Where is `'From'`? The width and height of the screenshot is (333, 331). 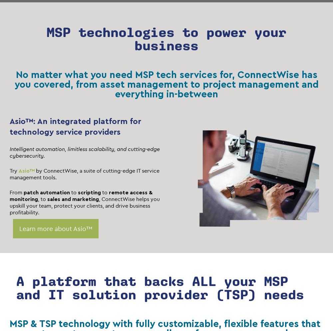
'From' is located at coordinates (10, 192).